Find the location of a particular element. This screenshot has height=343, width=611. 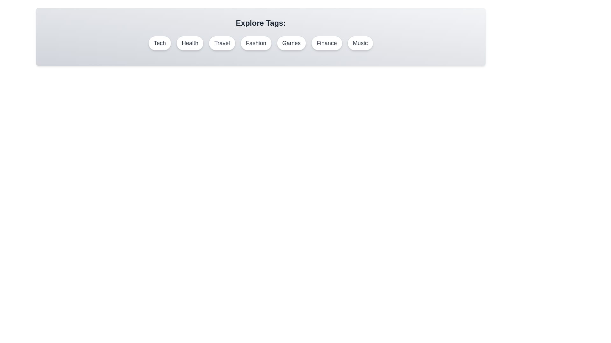

the tag labeled Finance to deselect it is located at coordinates (327, 43).